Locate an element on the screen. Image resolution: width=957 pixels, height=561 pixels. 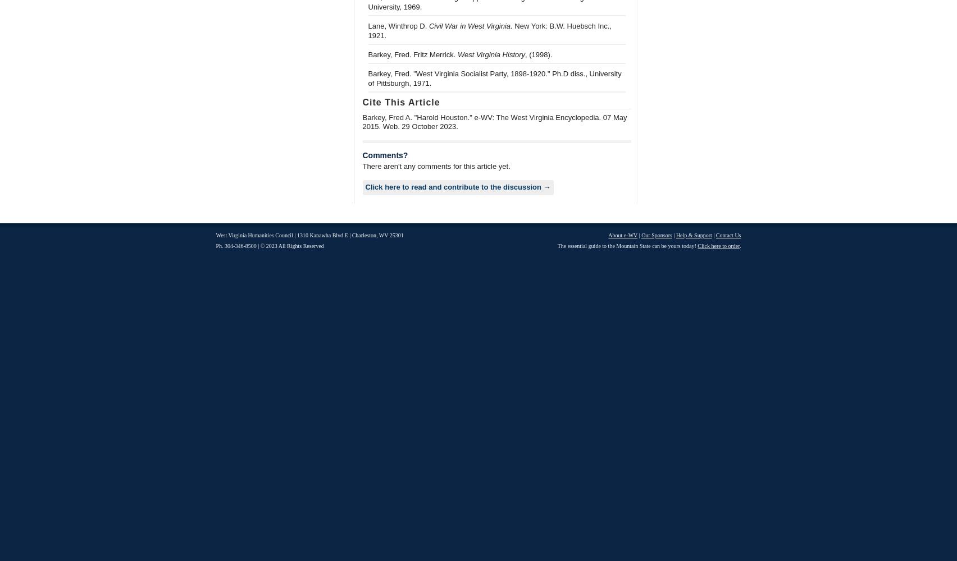
'Cite This Article' is located at coordinates (400, 102).